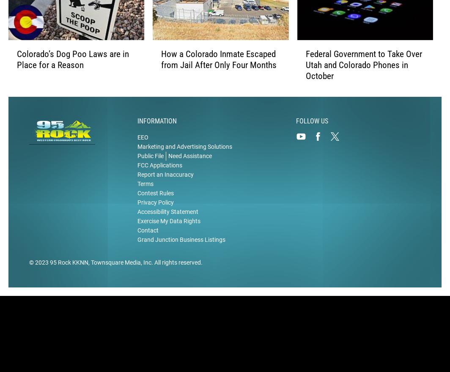 This screenshot has width=450, height=372. What do you see at coordinates (69, 262) in the screenshot?
I see `'95 Rock KKNN'` at bounding box center [69, 262].